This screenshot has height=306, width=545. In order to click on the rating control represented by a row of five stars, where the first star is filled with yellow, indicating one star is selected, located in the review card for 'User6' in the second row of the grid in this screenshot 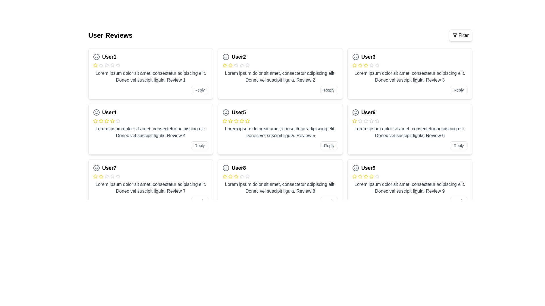, I will do `click(410, 121)`.